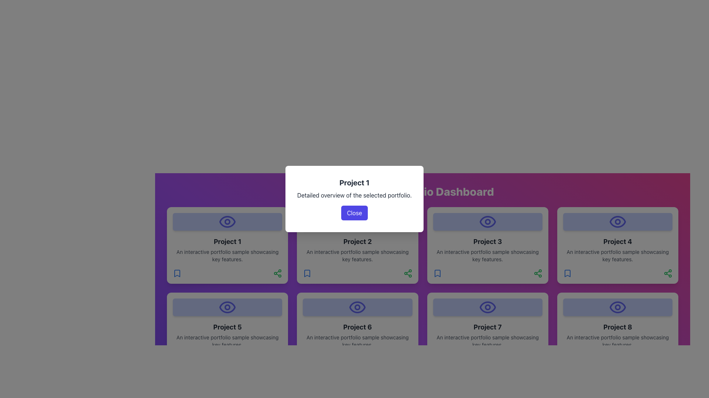 The image size is (709, 398). What do you see at coordinates (277, 273) in the screenshot?
I see `the green 'share' icon button located at the bottom-right corner of the 'Project 1' card` at bounding box center [277, 273].